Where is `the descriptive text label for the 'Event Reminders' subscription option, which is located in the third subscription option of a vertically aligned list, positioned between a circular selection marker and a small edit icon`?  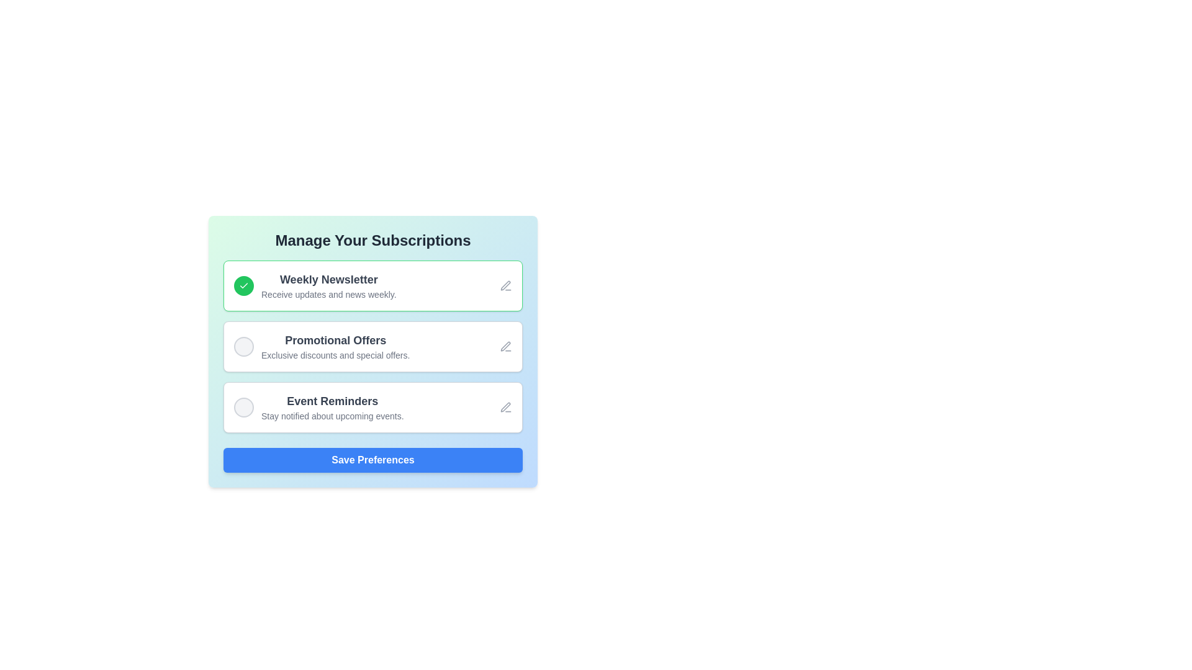
the descriptive text label for the 'Event Reminders' subscription option, which is located in the third subscription option of a vertically aligned list, positioned between a circular selection marker and a small edit icon is located at coordinates (332, 407).